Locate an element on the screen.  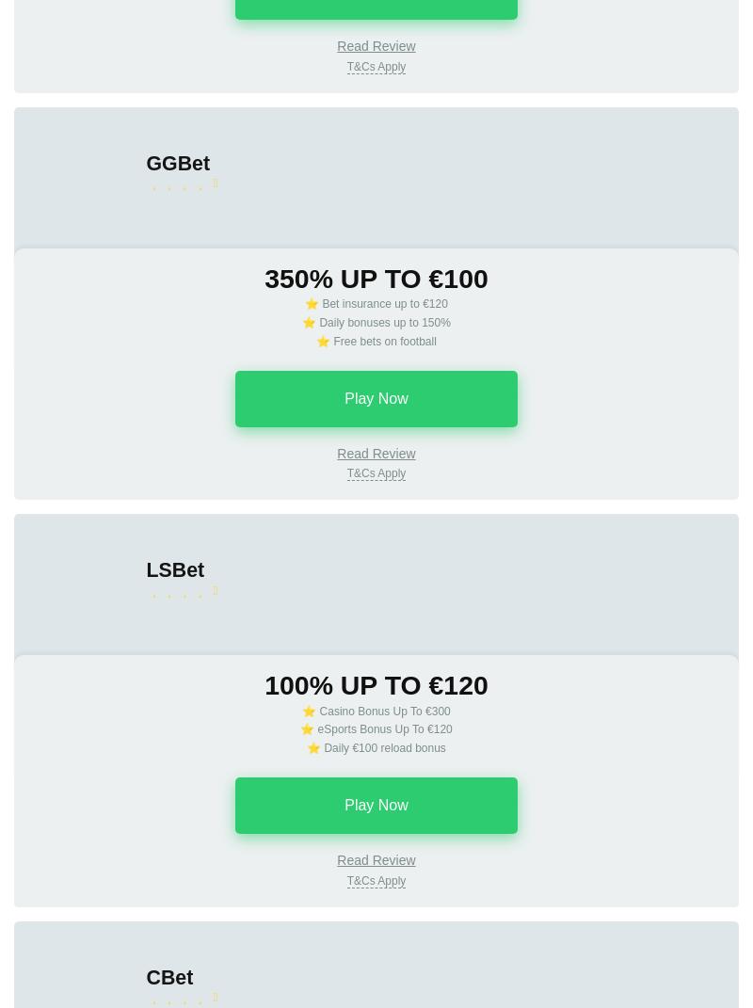
'GGBet' is located at coordinates (177, 161).